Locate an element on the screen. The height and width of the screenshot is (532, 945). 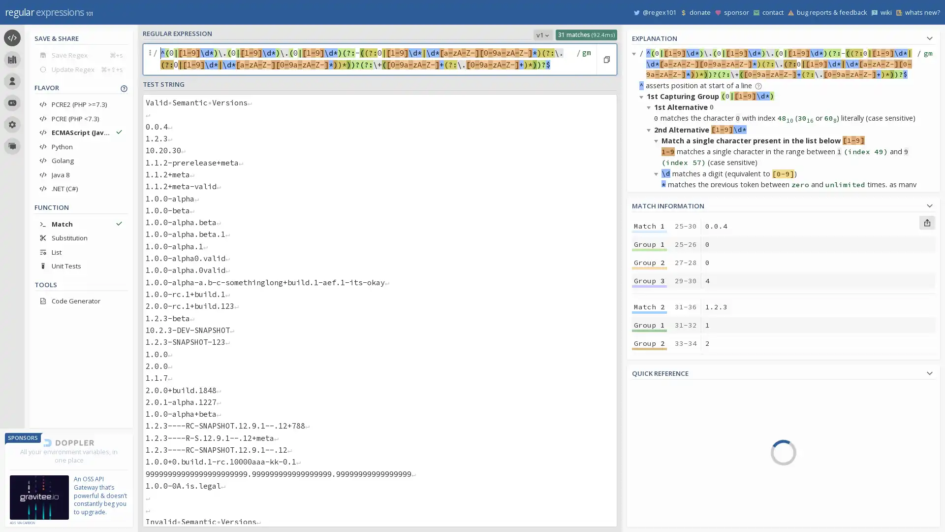
Collapse Subtree is located at coordinates (650, 129).